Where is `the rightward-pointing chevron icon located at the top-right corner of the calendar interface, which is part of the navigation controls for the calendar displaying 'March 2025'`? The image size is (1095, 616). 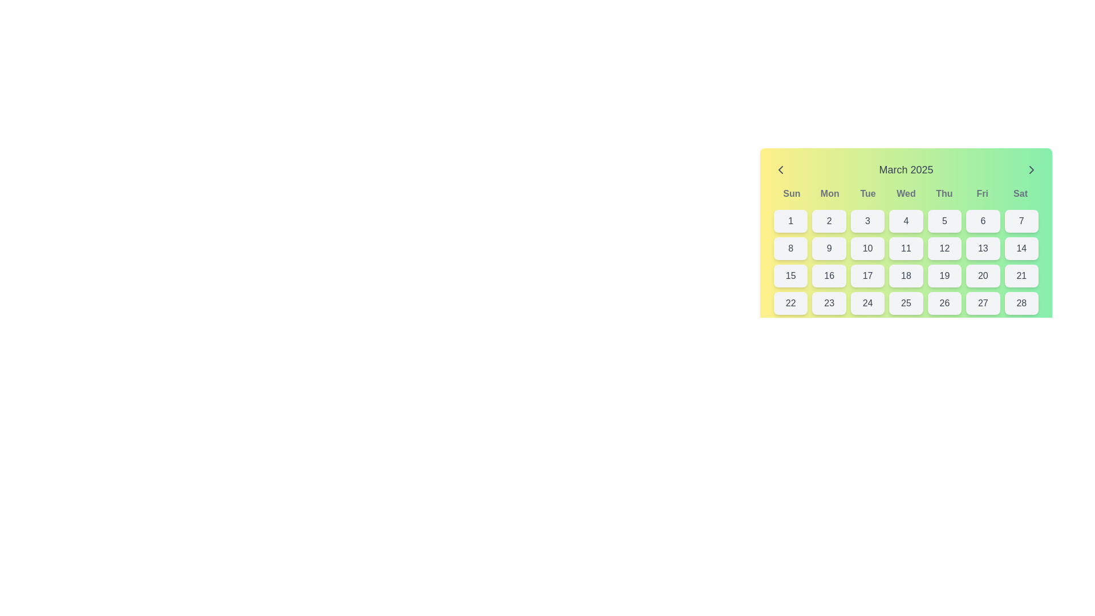
the rightward-pointing chevron icon located at the top-right corner of the calendar interface, which is part of the navigation controls for the calendar displaying 'March 2025' is located at coordinates (1032, 169).